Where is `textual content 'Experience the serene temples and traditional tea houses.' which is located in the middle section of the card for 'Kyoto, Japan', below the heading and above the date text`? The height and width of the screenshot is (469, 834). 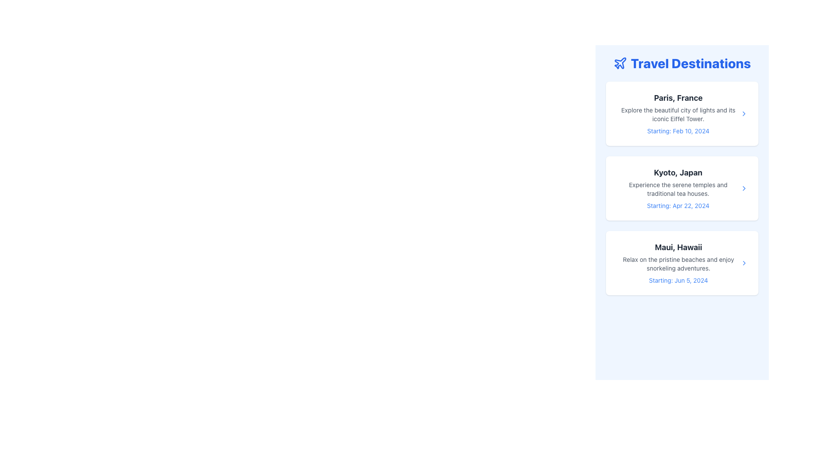 textual content 'Experience the serene temples and traditional tea houses.' which is located in the middle section of the card for 'Kyoto, Japan', below the heading and above the date text is located at coordinates (678, 188).